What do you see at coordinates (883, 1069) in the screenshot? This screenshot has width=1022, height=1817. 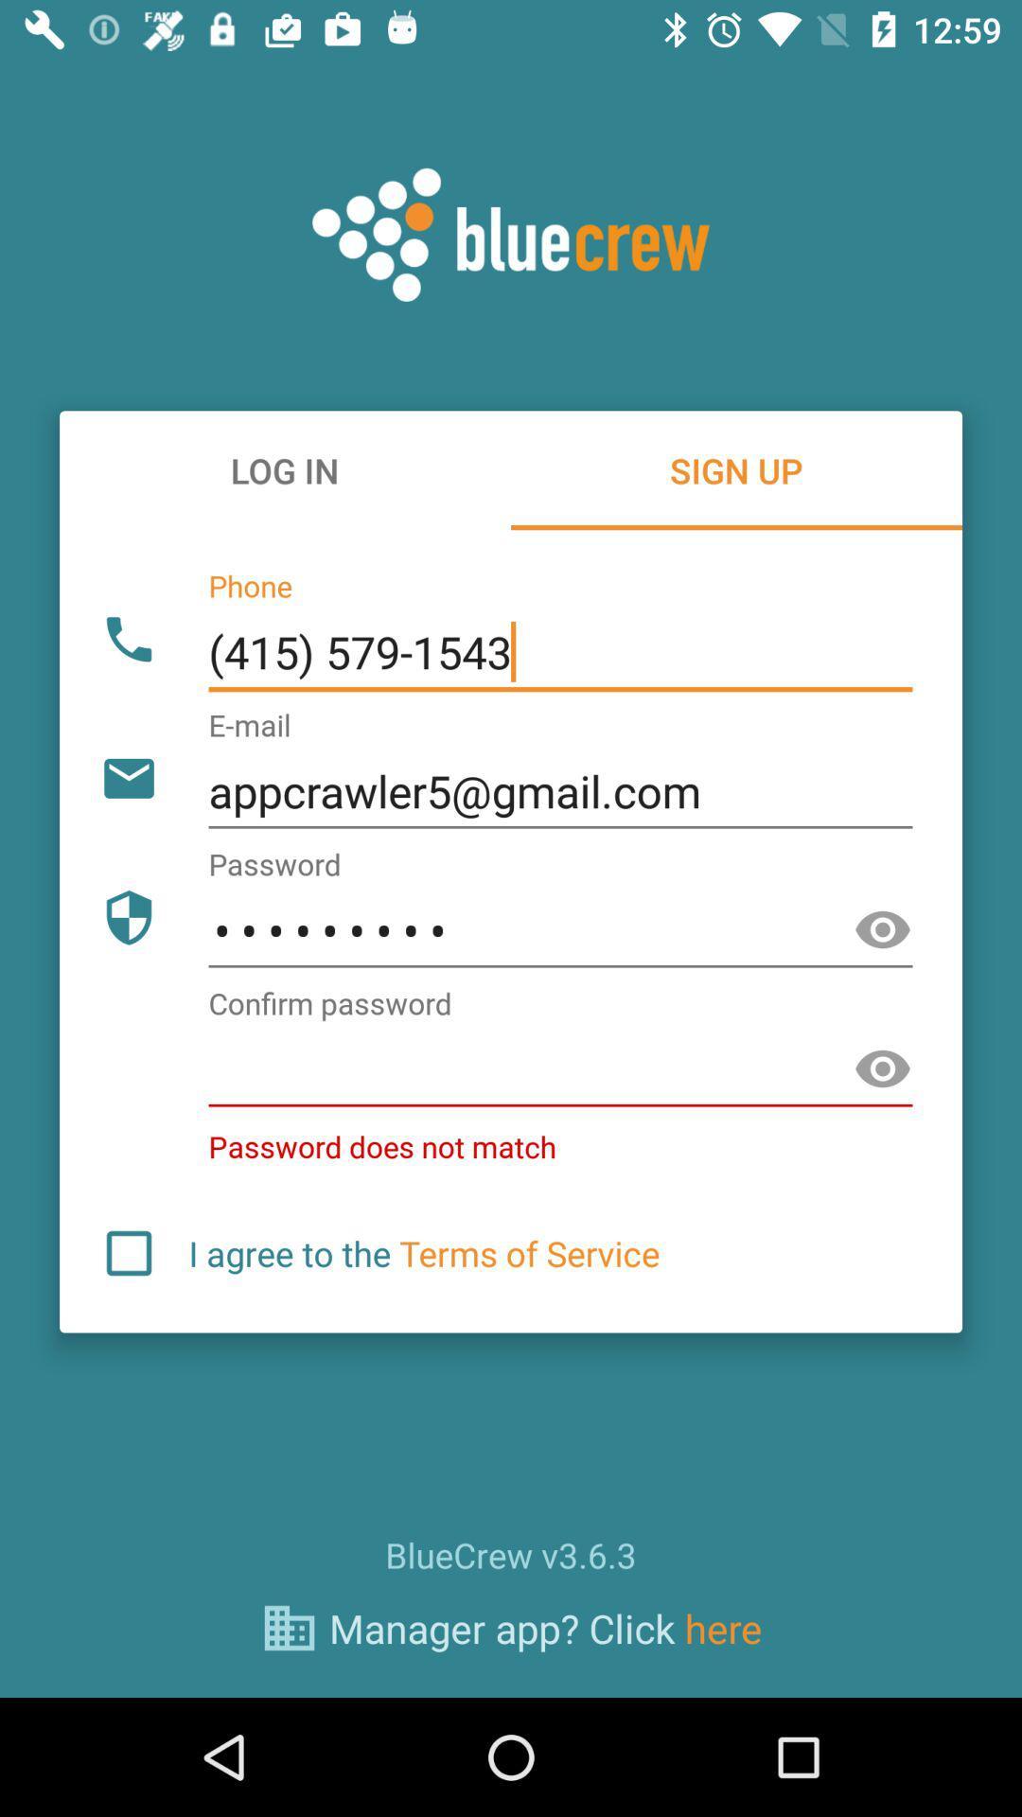 I see `show password option` at bounding box center [883, 1069].